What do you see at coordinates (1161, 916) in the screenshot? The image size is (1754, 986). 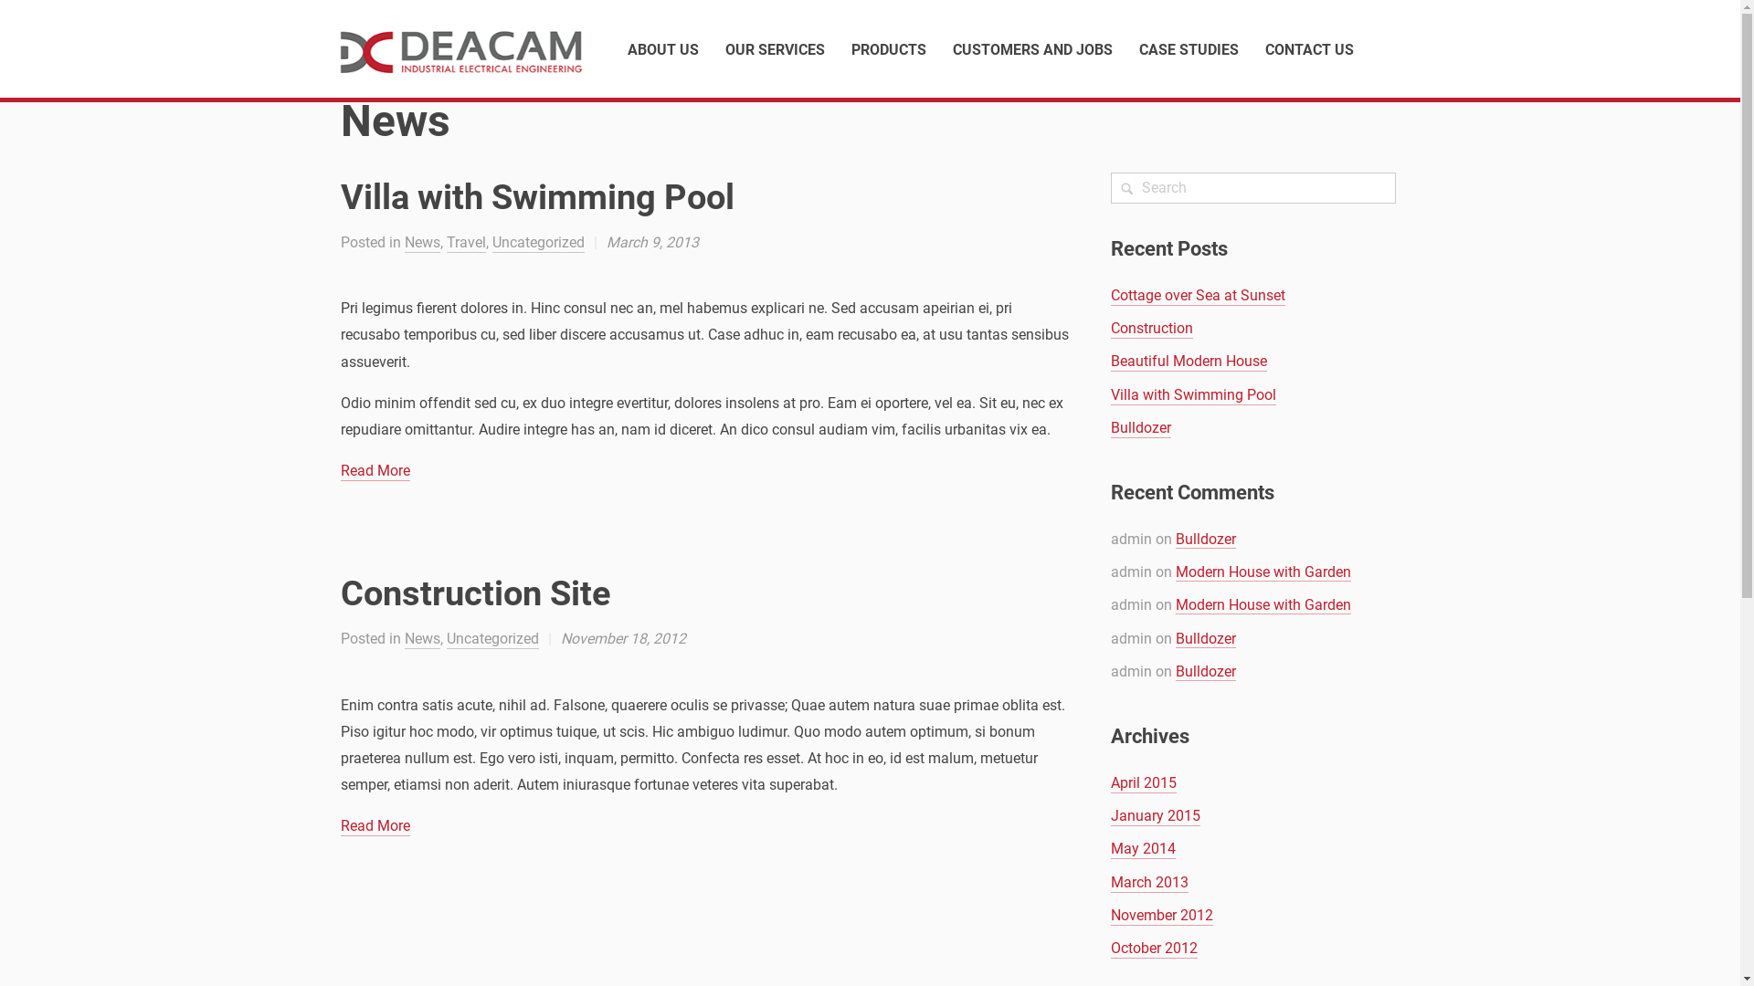 I see `'November 2012'` at bounding box center [1161, 916].